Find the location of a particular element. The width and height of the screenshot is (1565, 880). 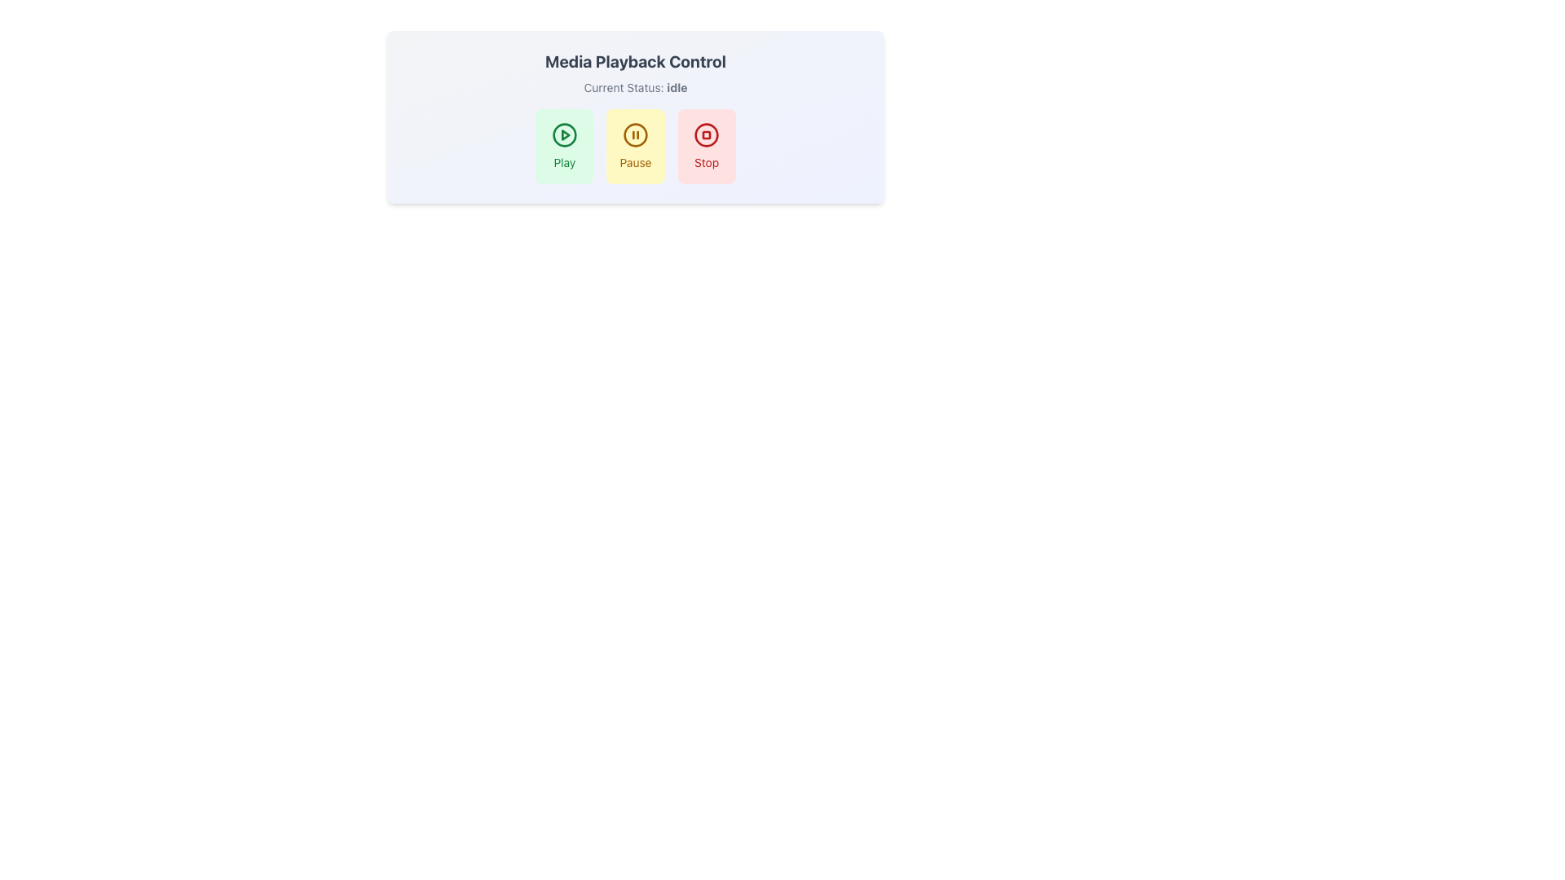

the 'Stop' icon in the media control interface is located at coordinates (707, 134).